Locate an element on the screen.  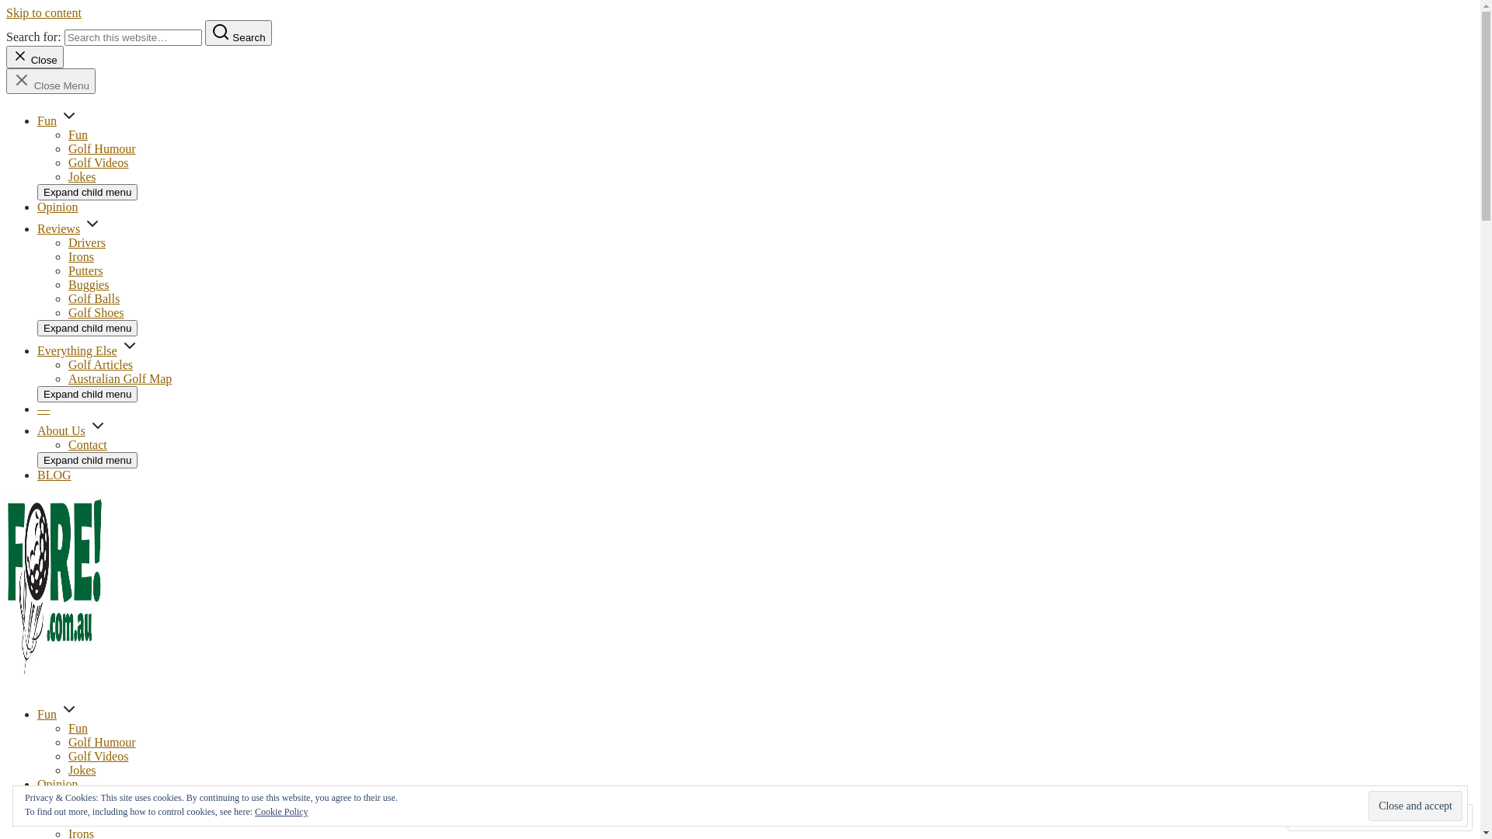
'Golf Humour' is located at coordinates (101, 741).